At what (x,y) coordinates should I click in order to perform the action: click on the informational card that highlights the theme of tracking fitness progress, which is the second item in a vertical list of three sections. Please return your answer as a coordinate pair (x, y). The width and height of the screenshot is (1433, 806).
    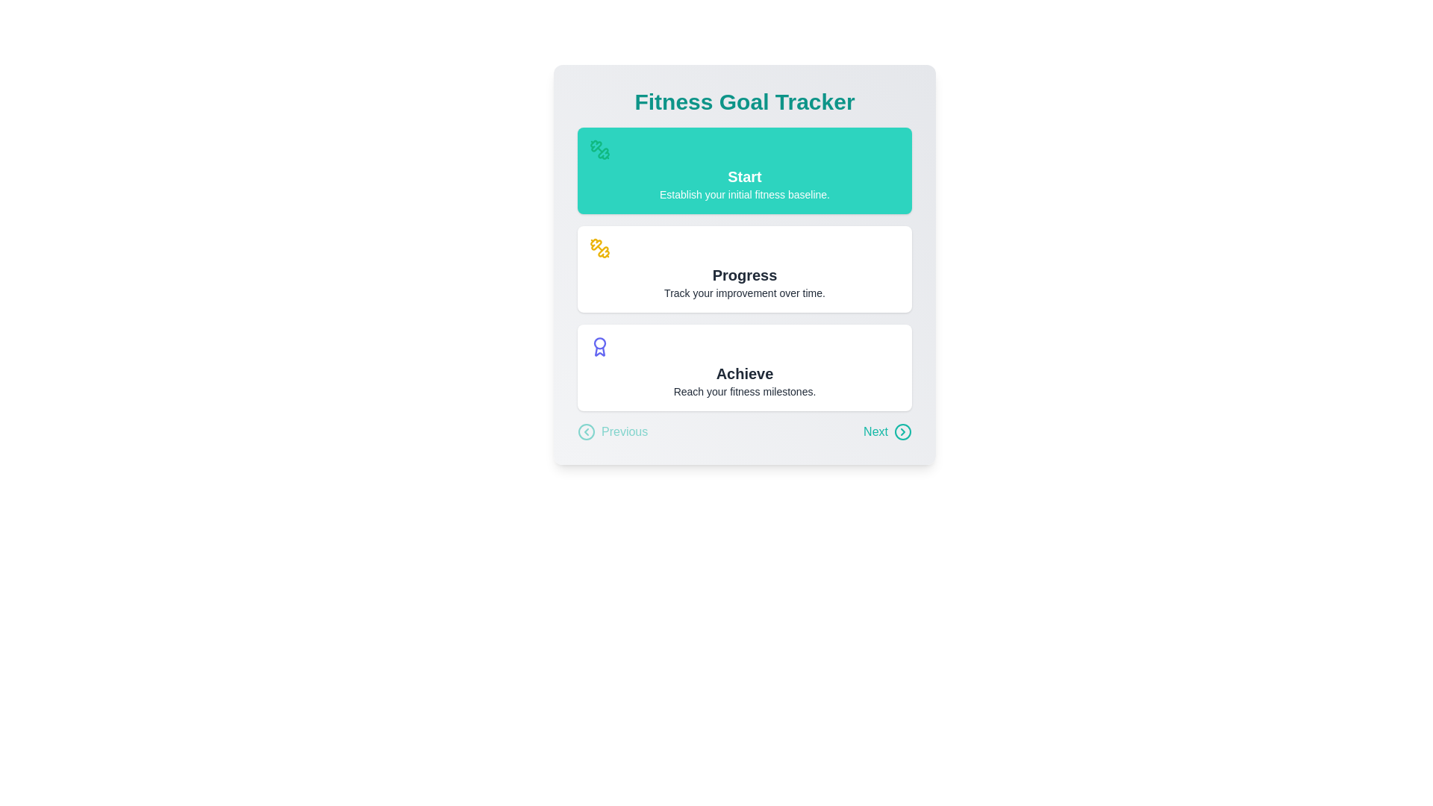
    Looking at the image, I should click on (745, 269).